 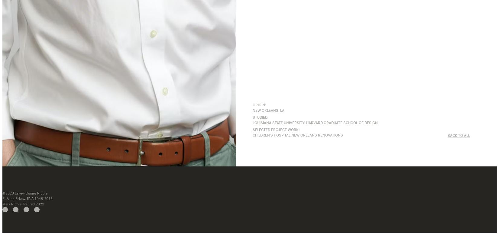 I want to click on 'Children's Hospital New Orleans Renovations', so click(x=297, y=135).